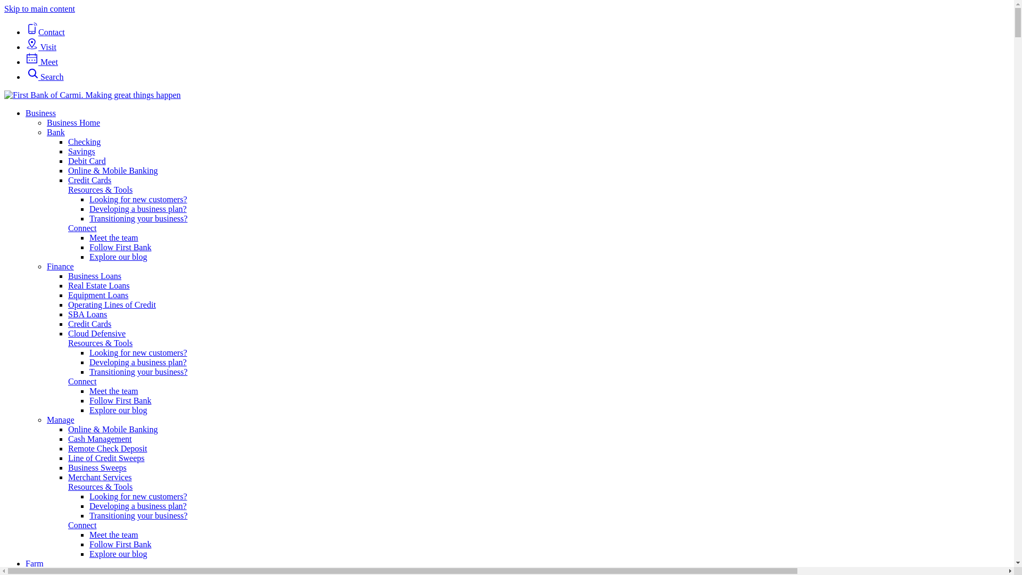 The width and height of the screenshot is (1022, 575). What do you see at coordinates (100, 189) in the screenshot?
I see `'Resources & Tools'` at bounding box center [100, 189].